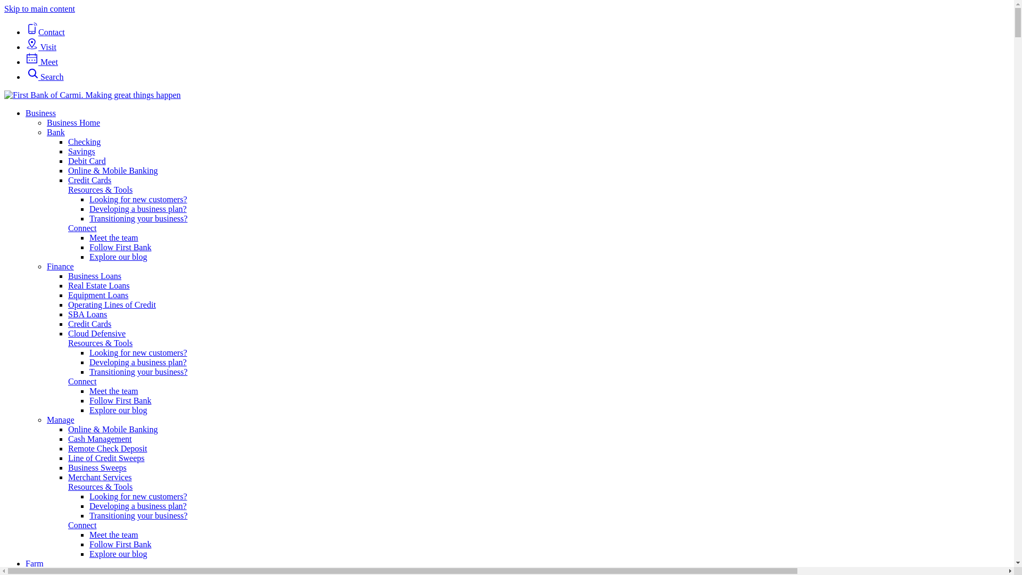 The width and height of the screenshot is (1022, 575). What do you see at coordinates (100, 189) in the screenshot?
I see `'Resources & Tools'` at bounding box center [100, 189].